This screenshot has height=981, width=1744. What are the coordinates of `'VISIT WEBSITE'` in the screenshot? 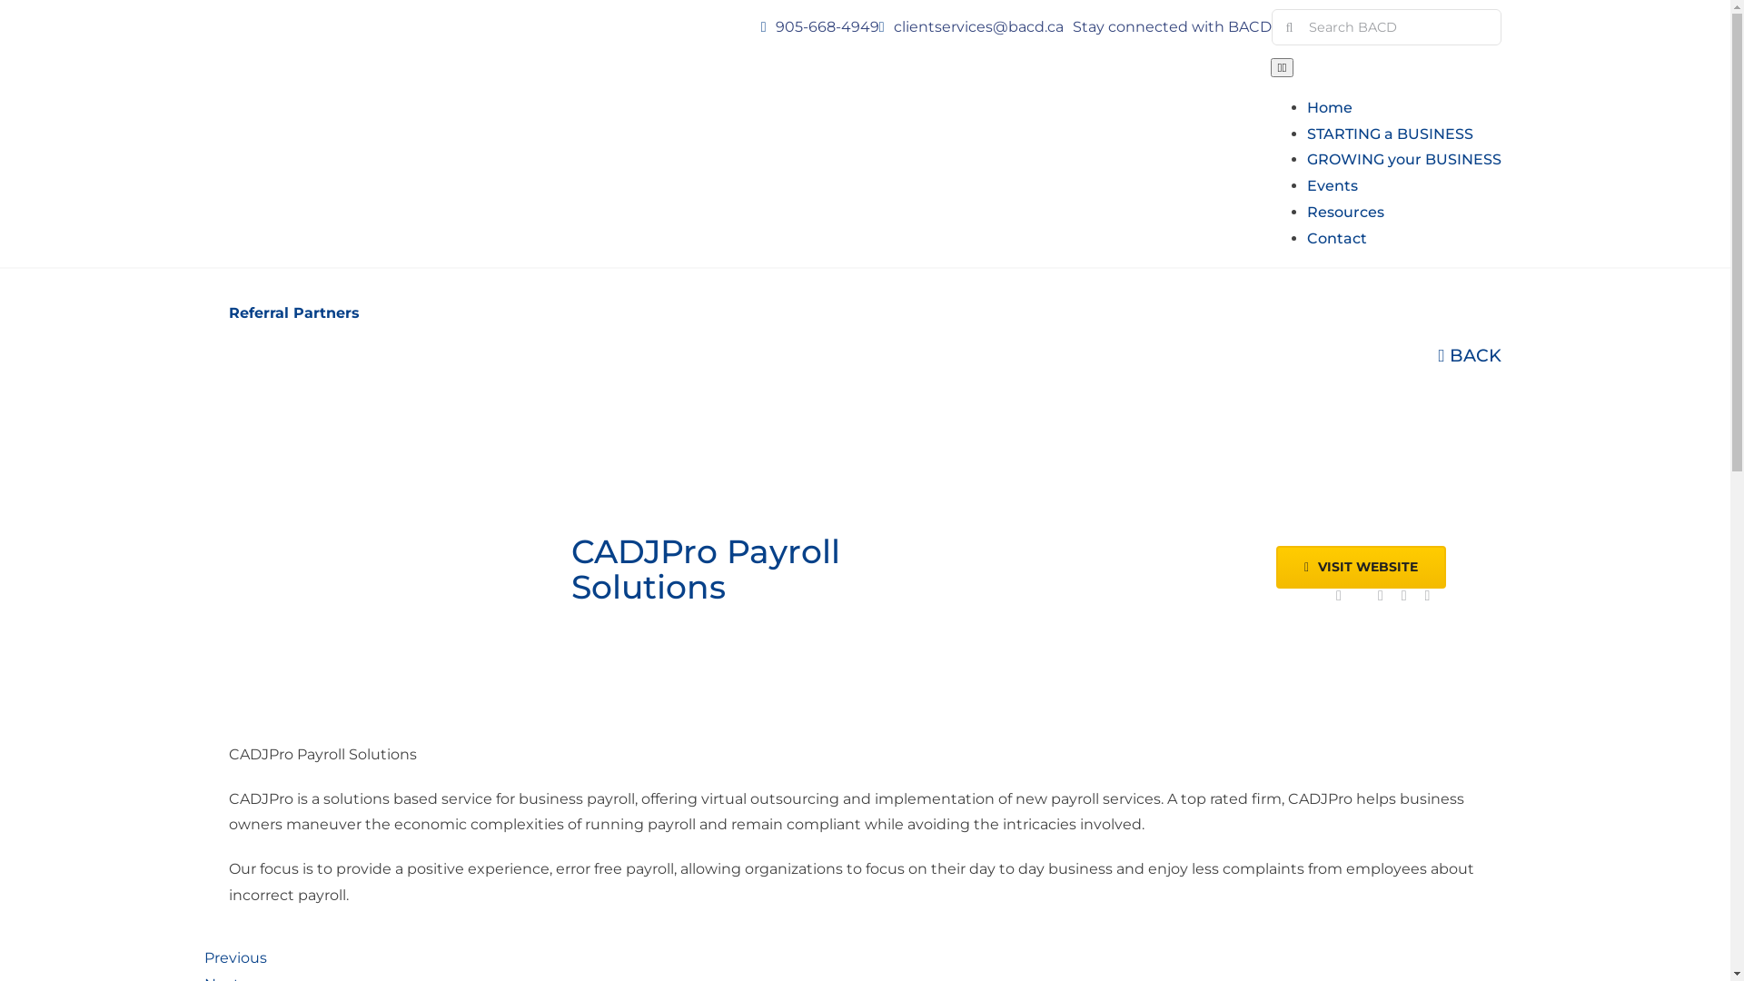 It's located at (1361, 566).